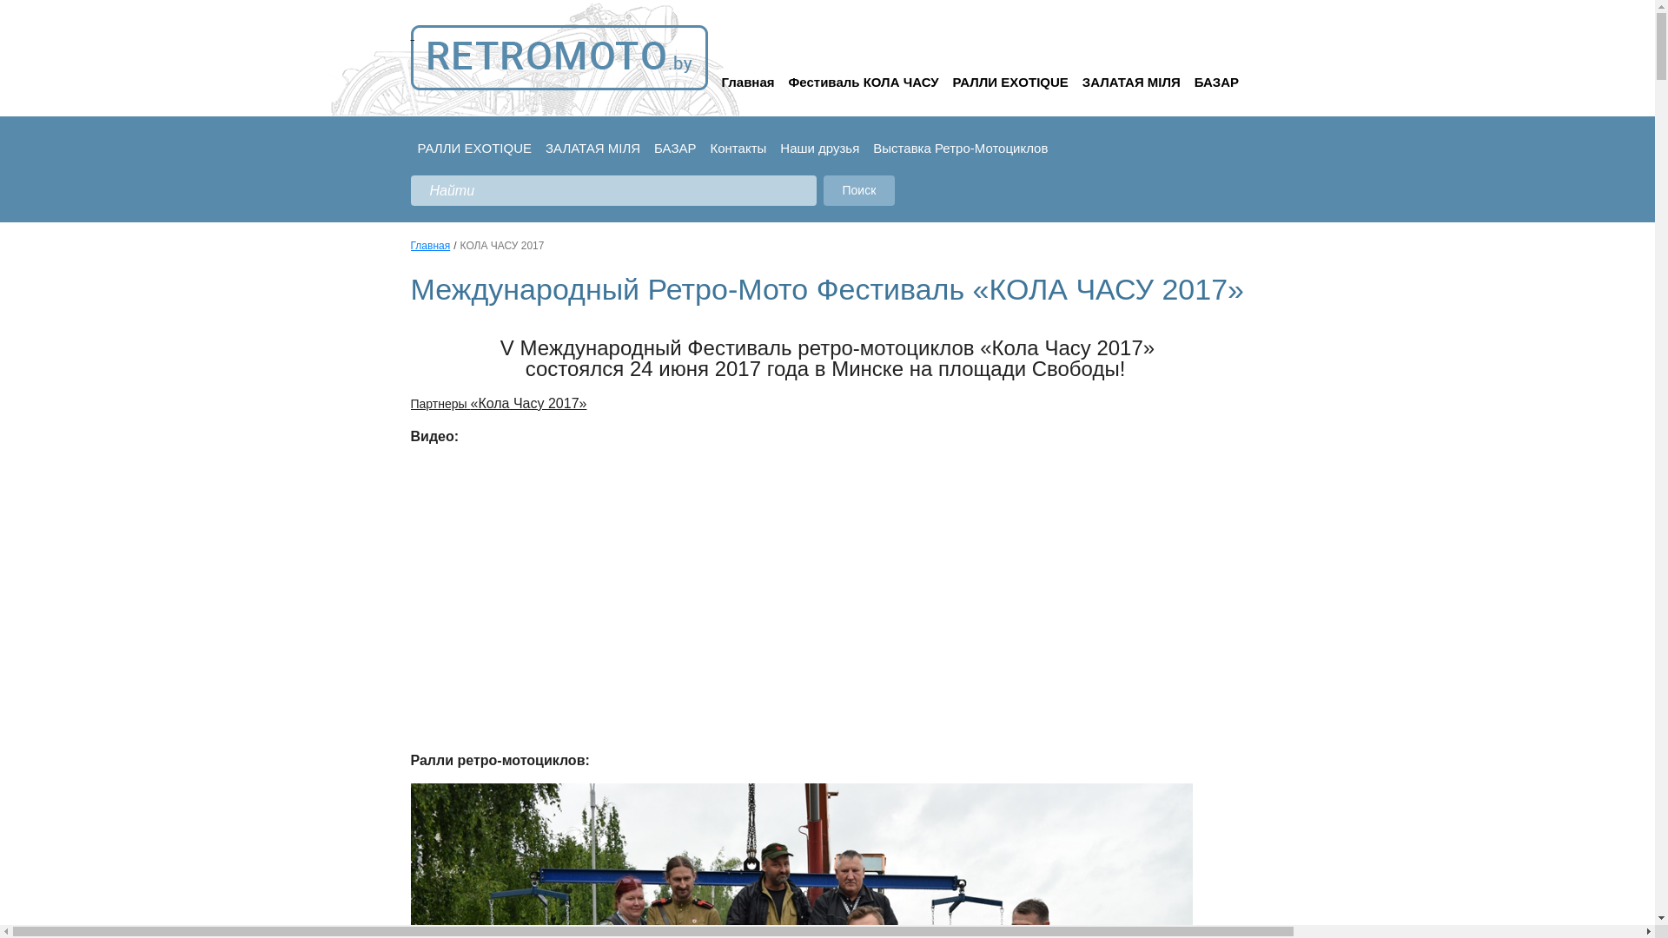 The height and width of the screenshot is (938, 1668). Describe the element at coordinates (559, 56) in the screenshot. I see `' '` at that location.